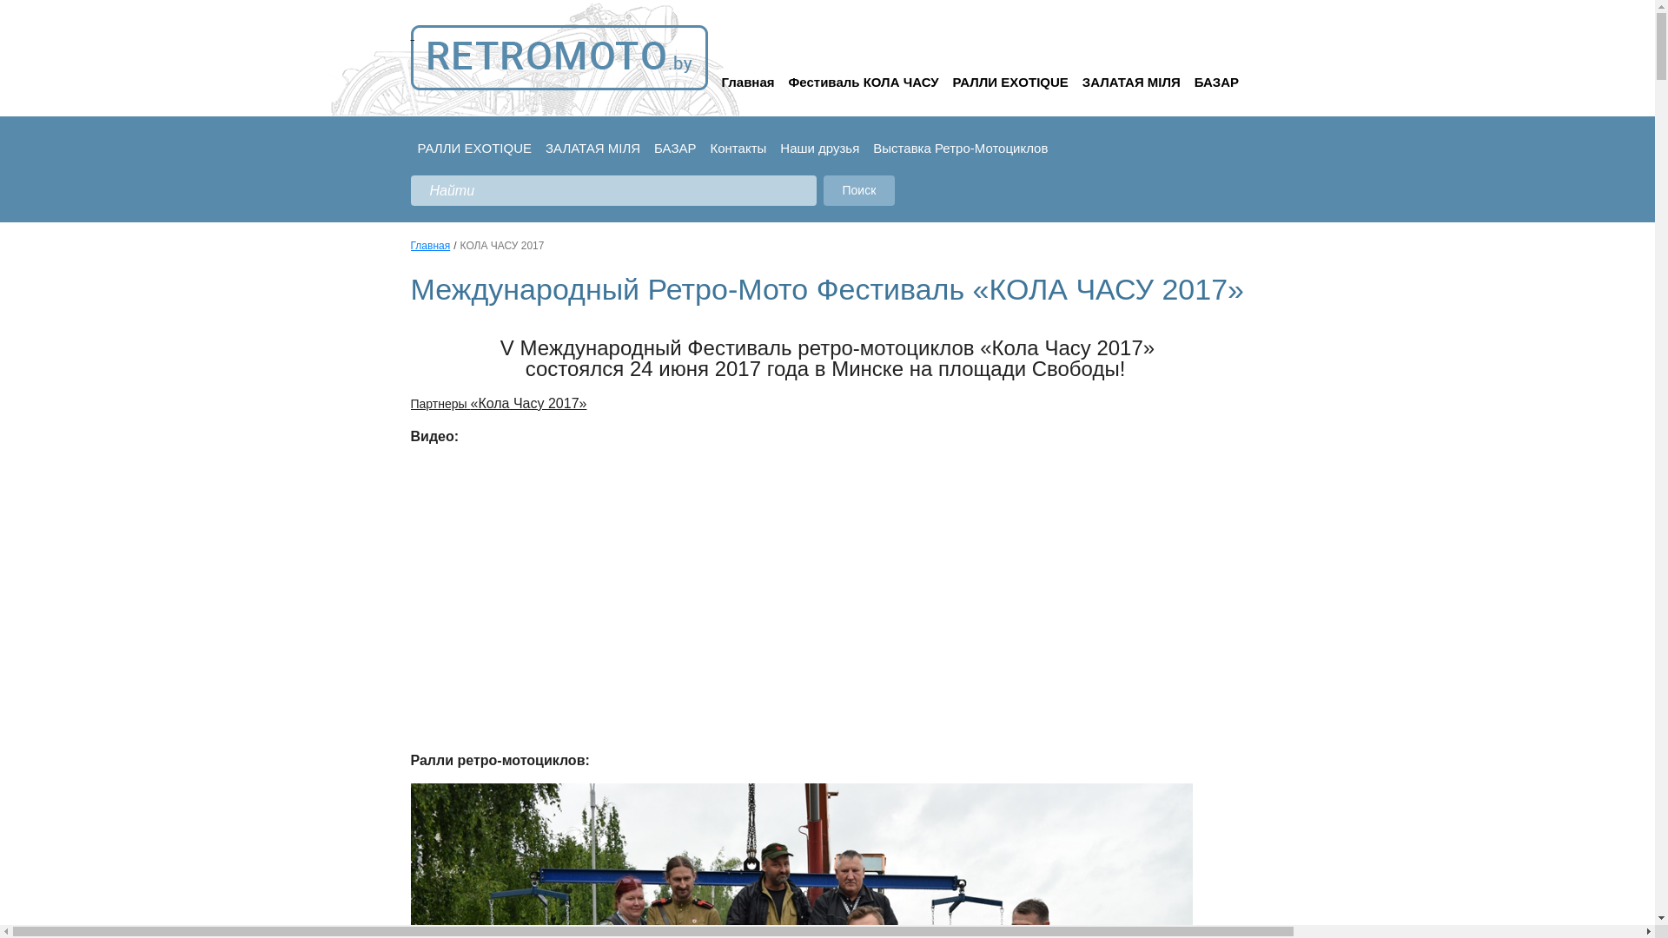 The height and width of the screenshot is (938, 1668). Describe the element at coordinates (559, 56) in the screenshot. I see `' '` at that location.